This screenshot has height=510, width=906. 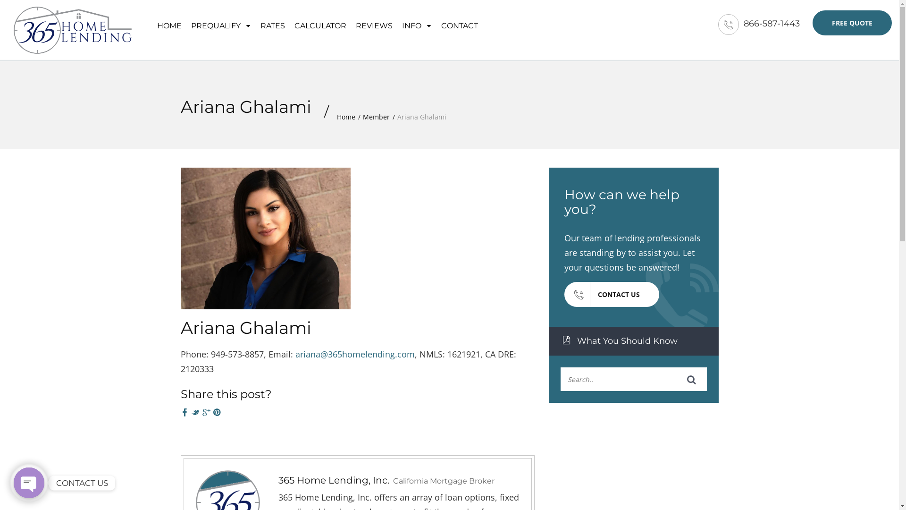 What do you see at coordinates (220, 24) in the screenshot?
I see `'PREQUALIFY'` at bounding box center [220, 24].